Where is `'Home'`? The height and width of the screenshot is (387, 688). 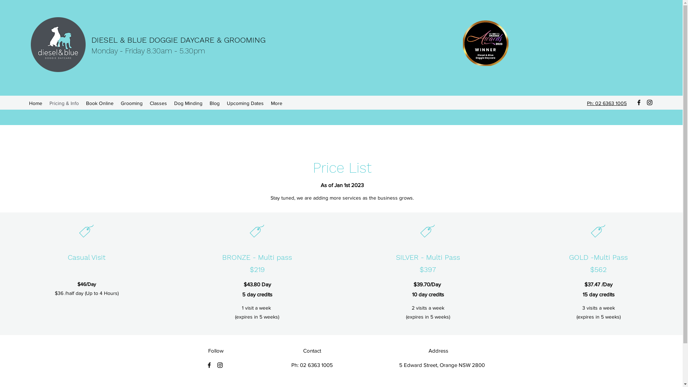
'Home' is located at coordinates (35, 103).